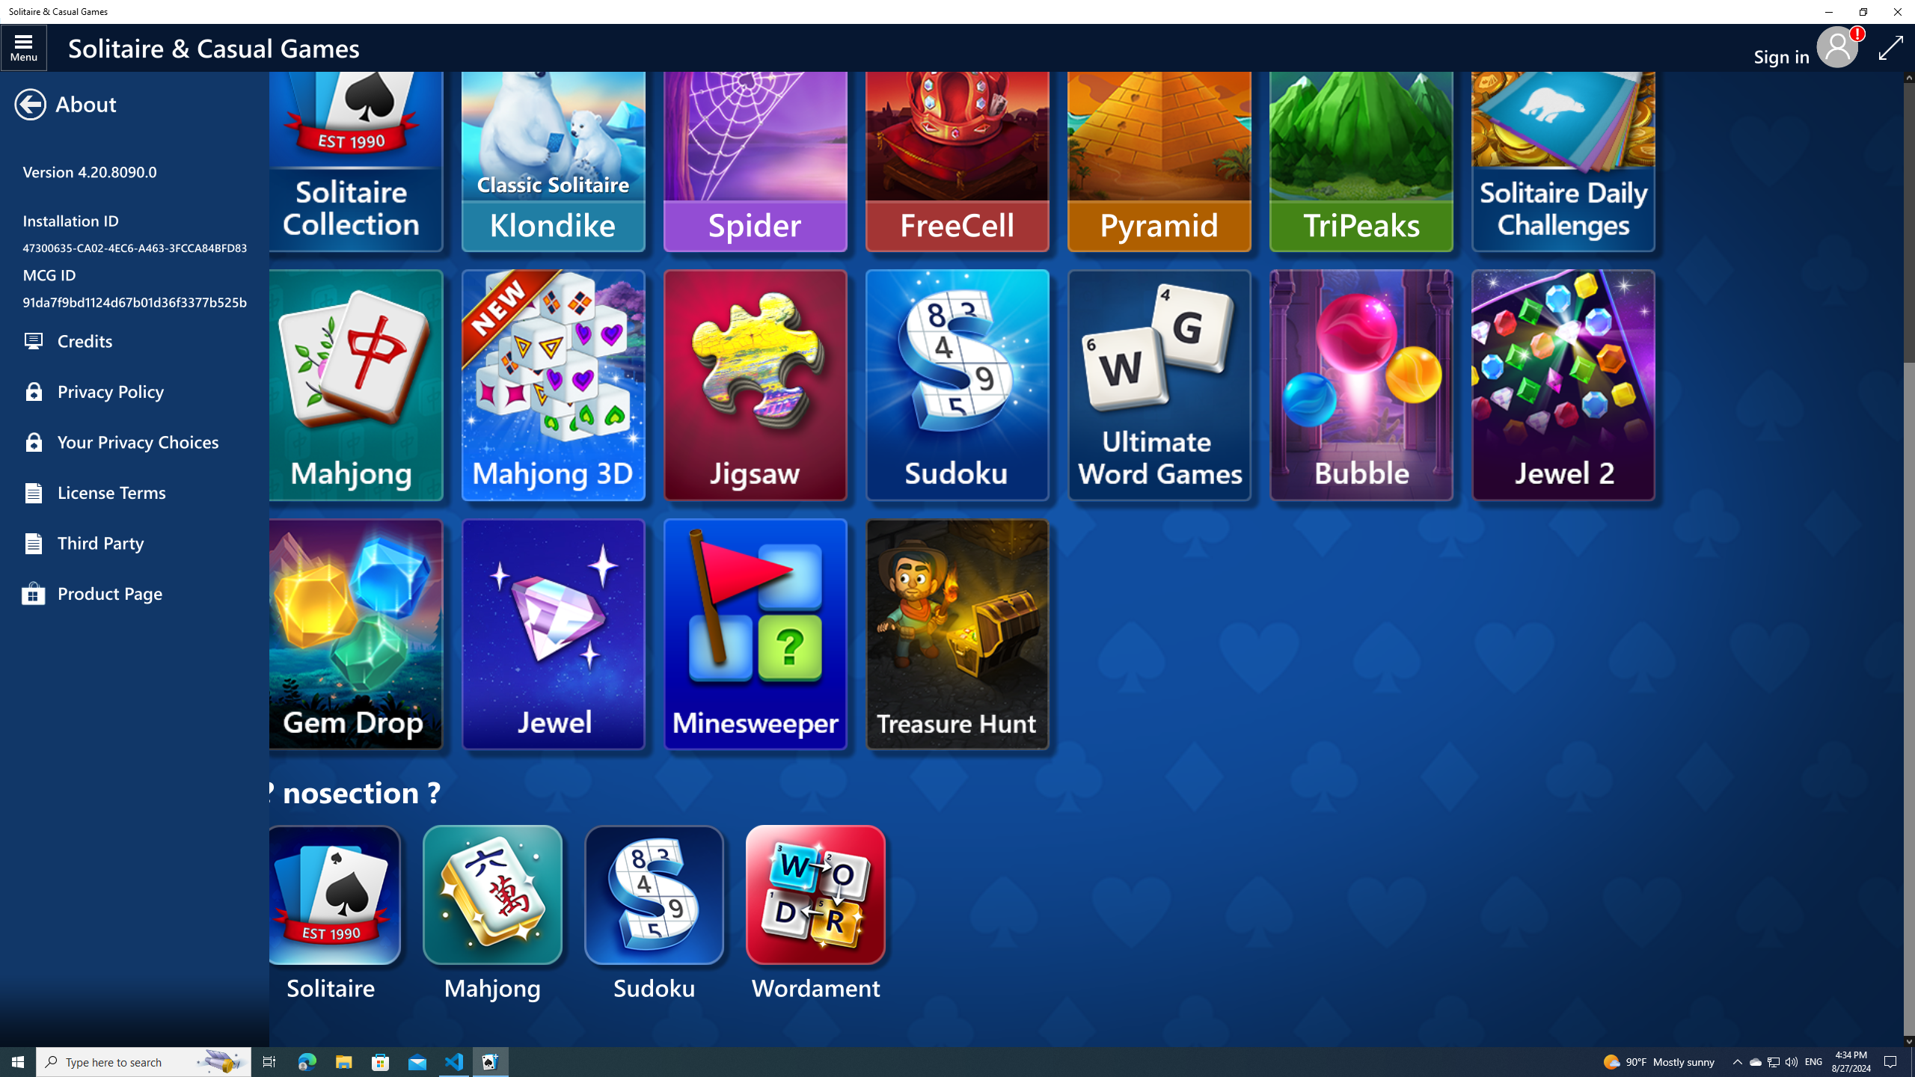 The image size is (1915, 1077). Describe the element at coordinates (1361, 135) in the screenshot. I see `'TriPeaks'` at that location.